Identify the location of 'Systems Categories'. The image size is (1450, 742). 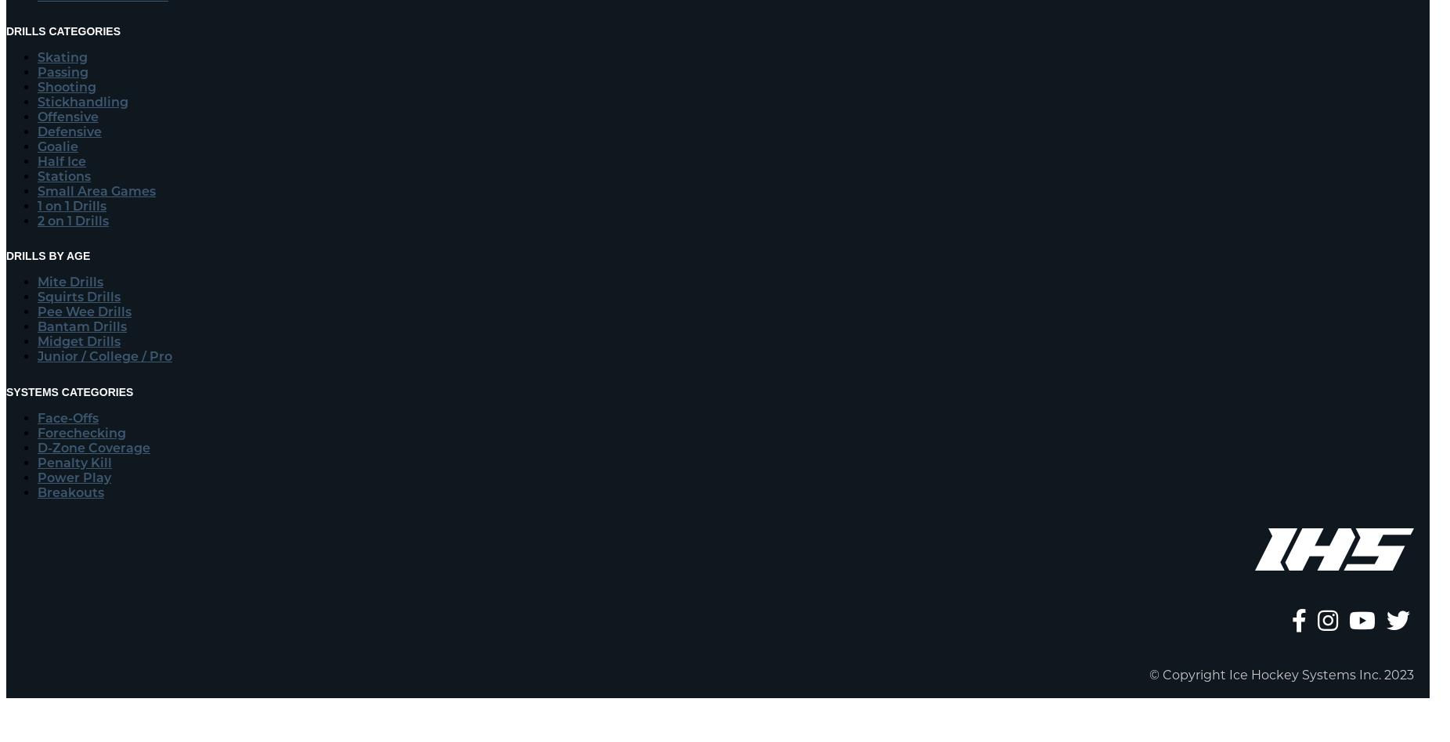
(5, 392).